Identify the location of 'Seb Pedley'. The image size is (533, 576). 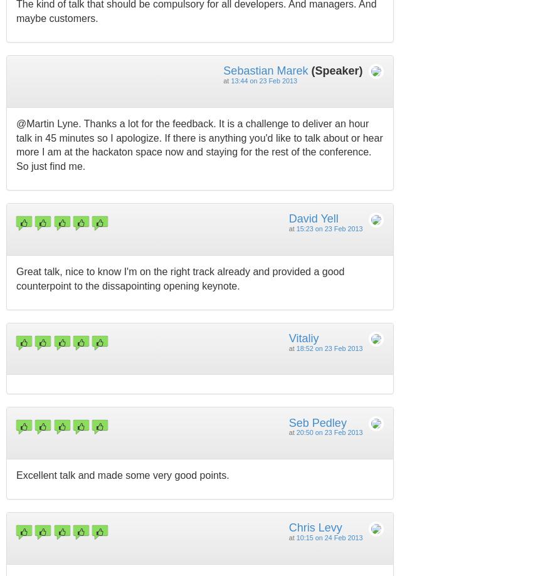
(317, 421).